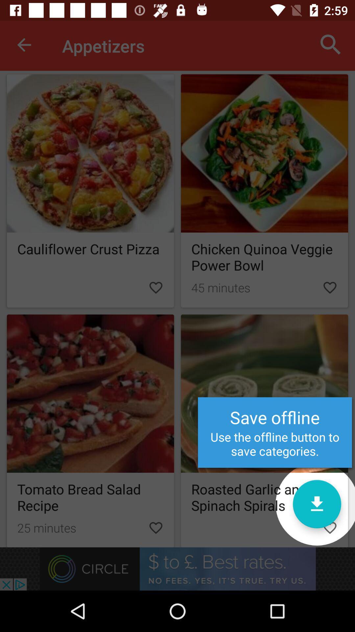 The image size is (355, 632). I want to click on the file_download icon, so click(317, 504).